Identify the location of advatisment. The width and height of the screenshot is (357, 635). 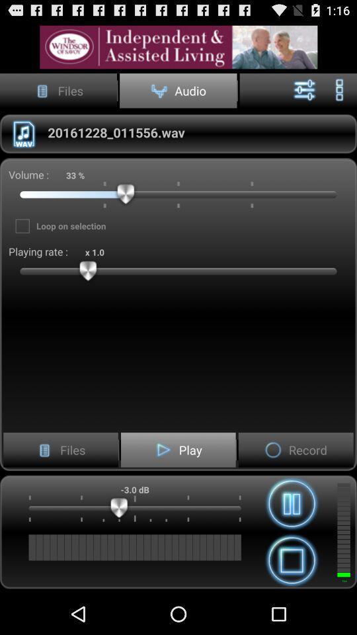
(178, 47).